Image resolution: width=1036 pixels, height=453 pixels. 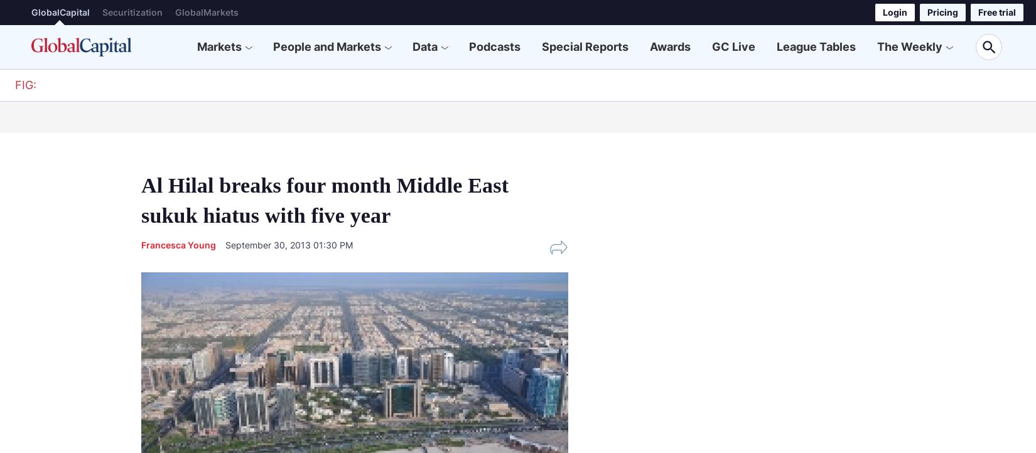 I want to click on 'GlobalMarkets', so click(x=207, y=12).